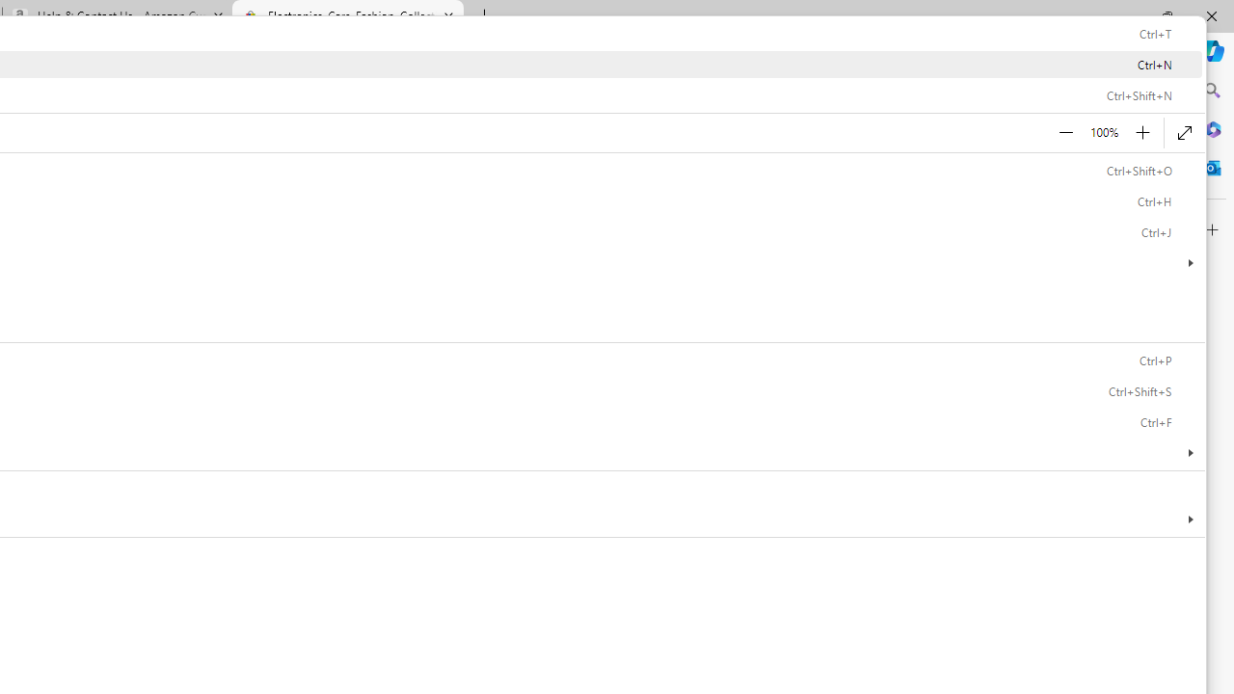  I want to click on 'Close Outlook pane', so click(1212, 167).